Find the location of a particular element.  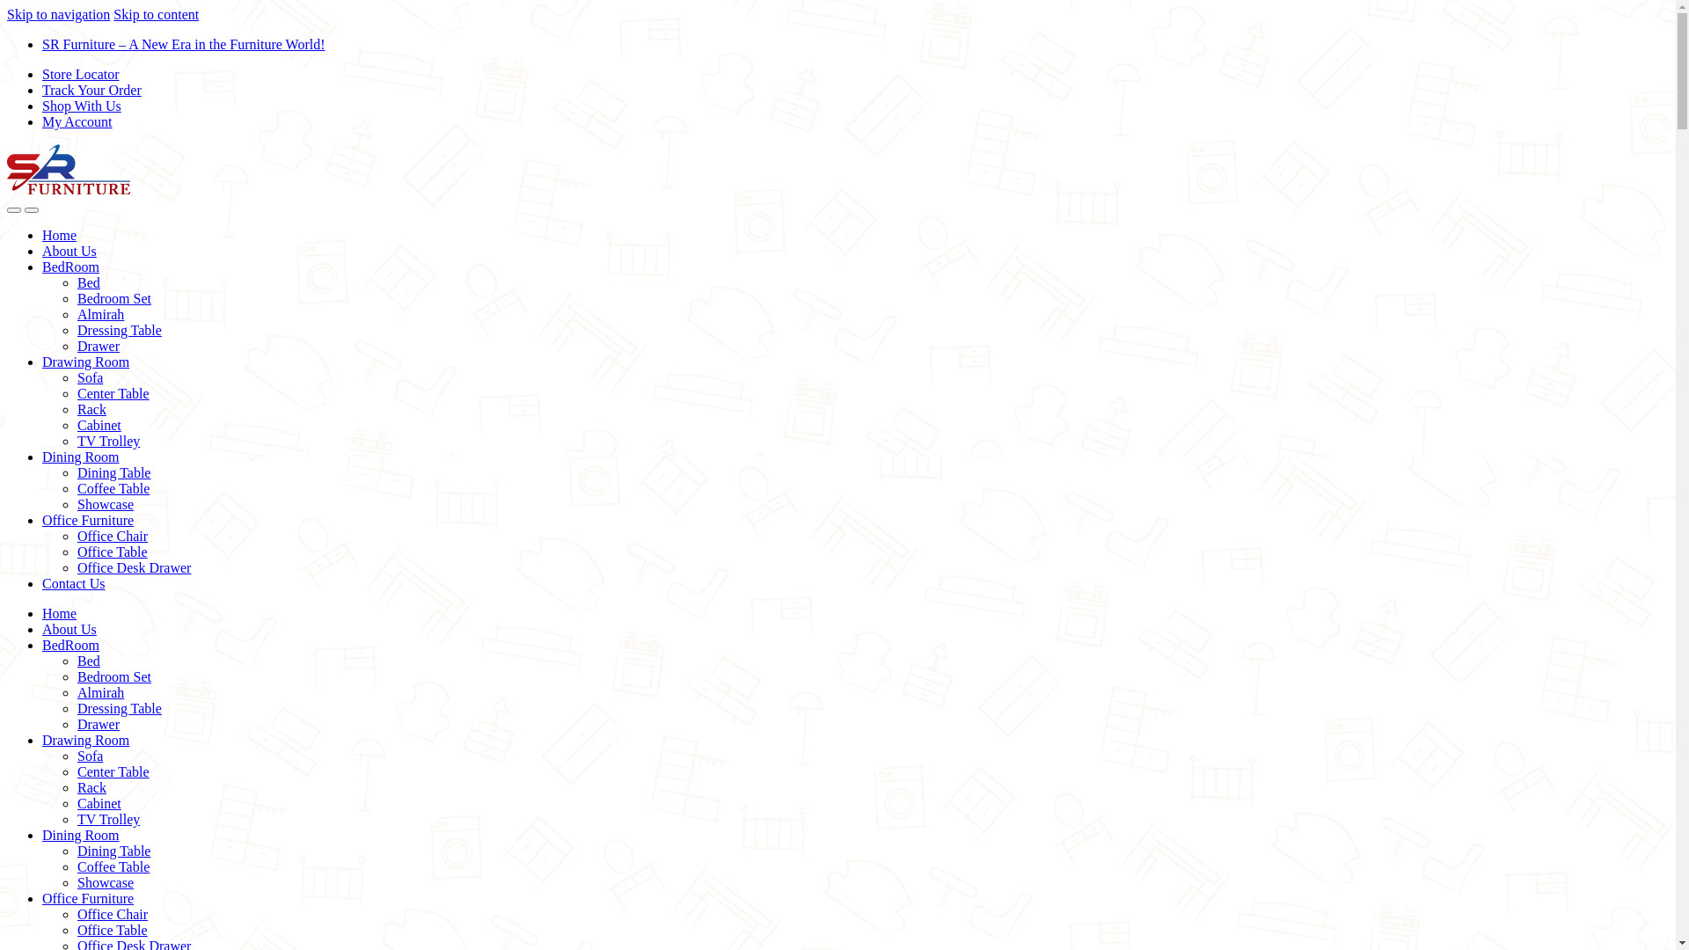

'Contact Us' is located at coordinates (72, 583).